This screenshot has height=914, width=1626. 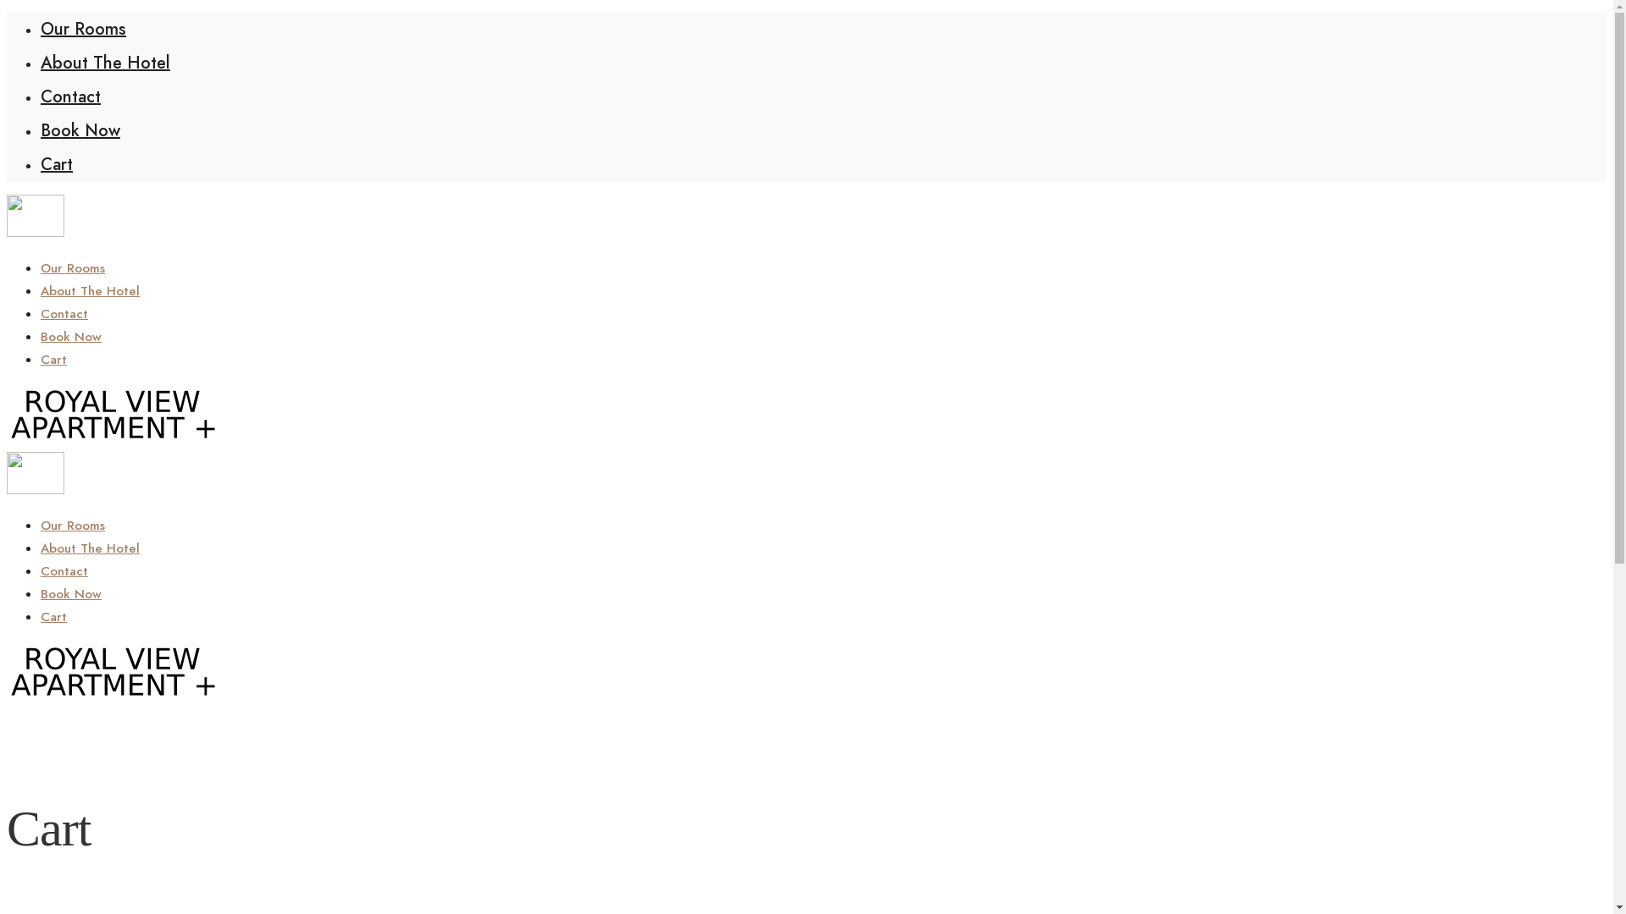 I want to click on 'Our Rooms', so click(x=82, y=29).